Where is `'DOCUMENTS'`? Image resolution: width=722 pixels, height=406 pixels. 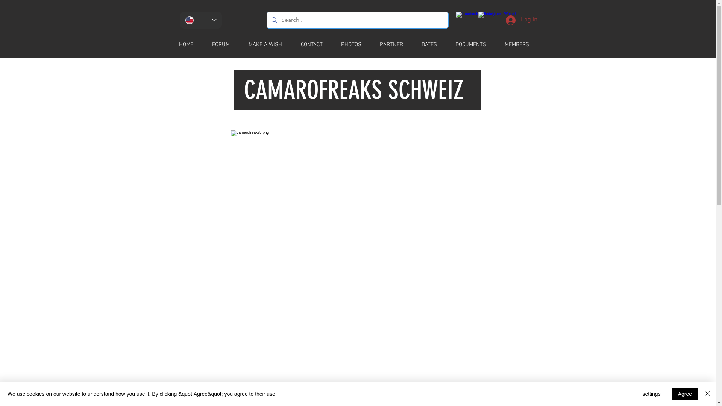 'DOCUMENTS' is located at coordinates (475, 45).